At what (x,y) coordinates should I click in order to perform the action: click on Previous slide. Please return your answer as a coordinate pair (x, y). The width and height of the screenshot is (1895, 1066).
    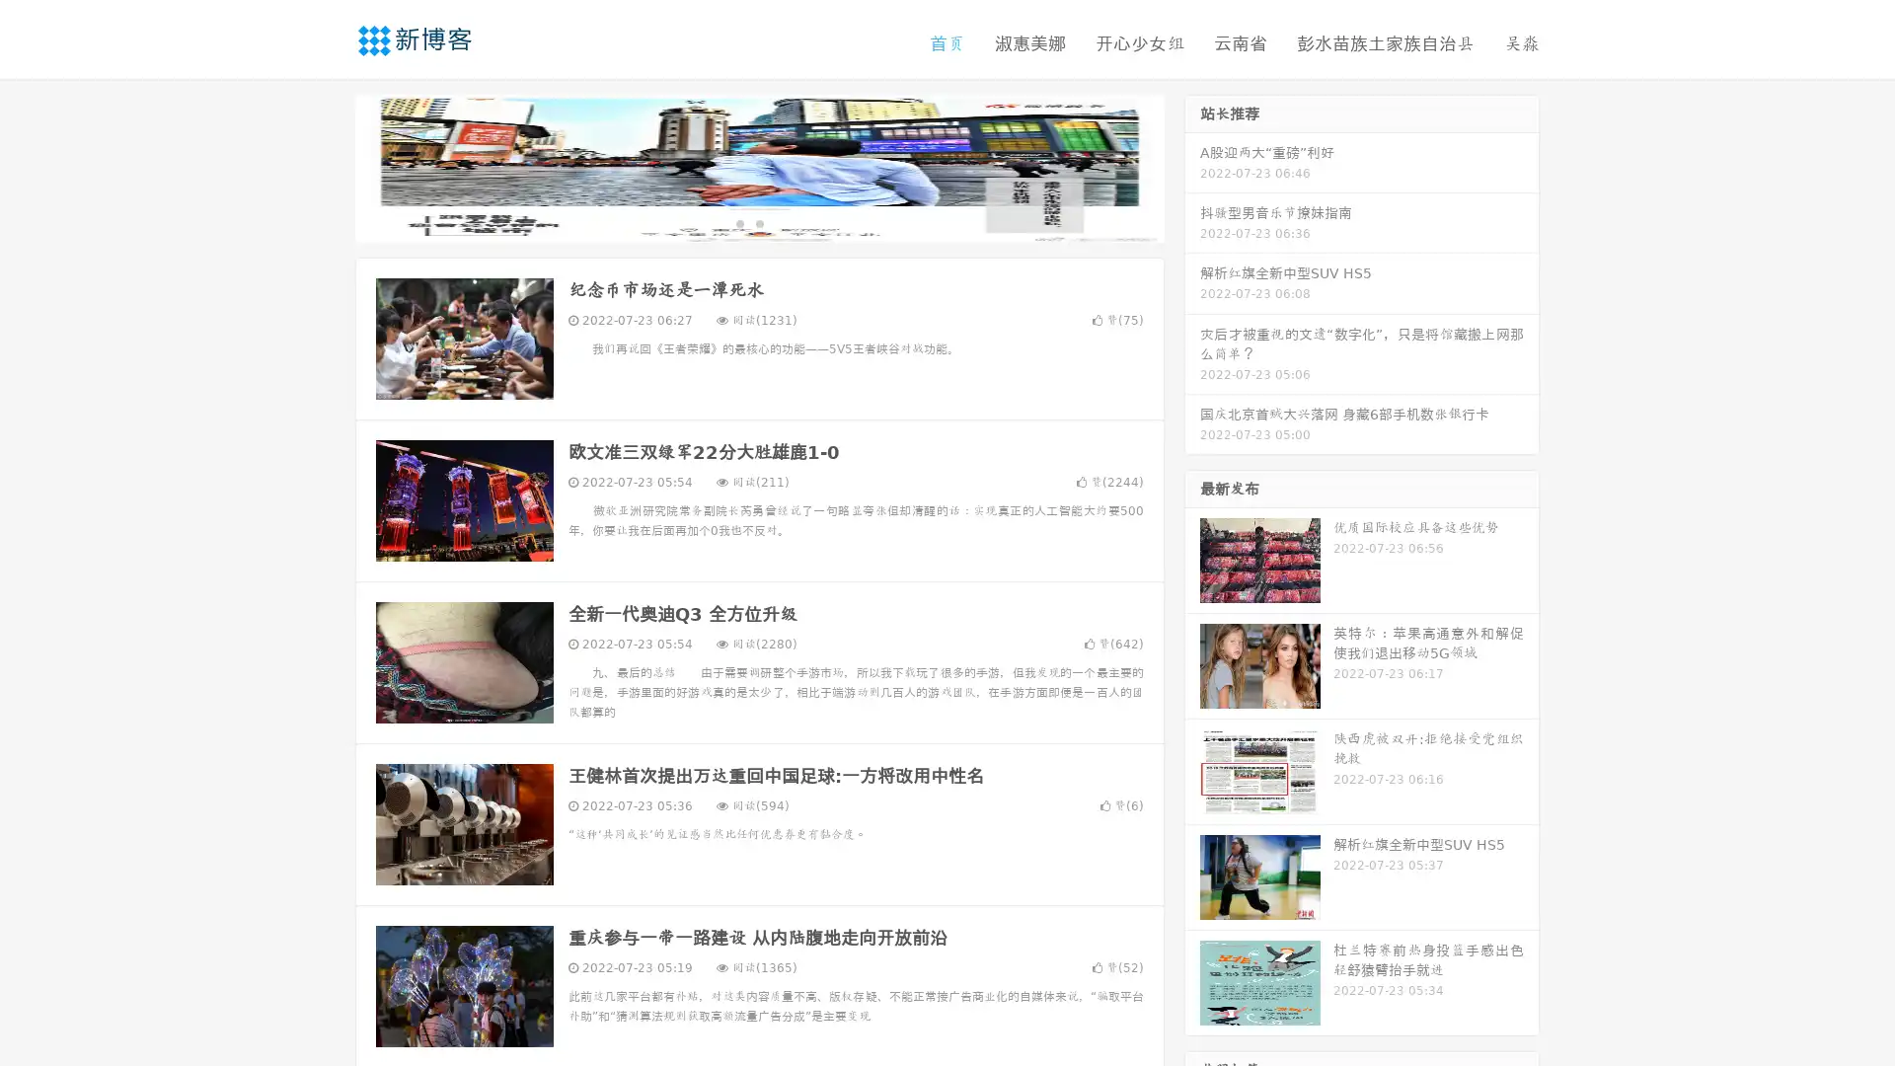
    Looking at the image, I should click on (326, 166).